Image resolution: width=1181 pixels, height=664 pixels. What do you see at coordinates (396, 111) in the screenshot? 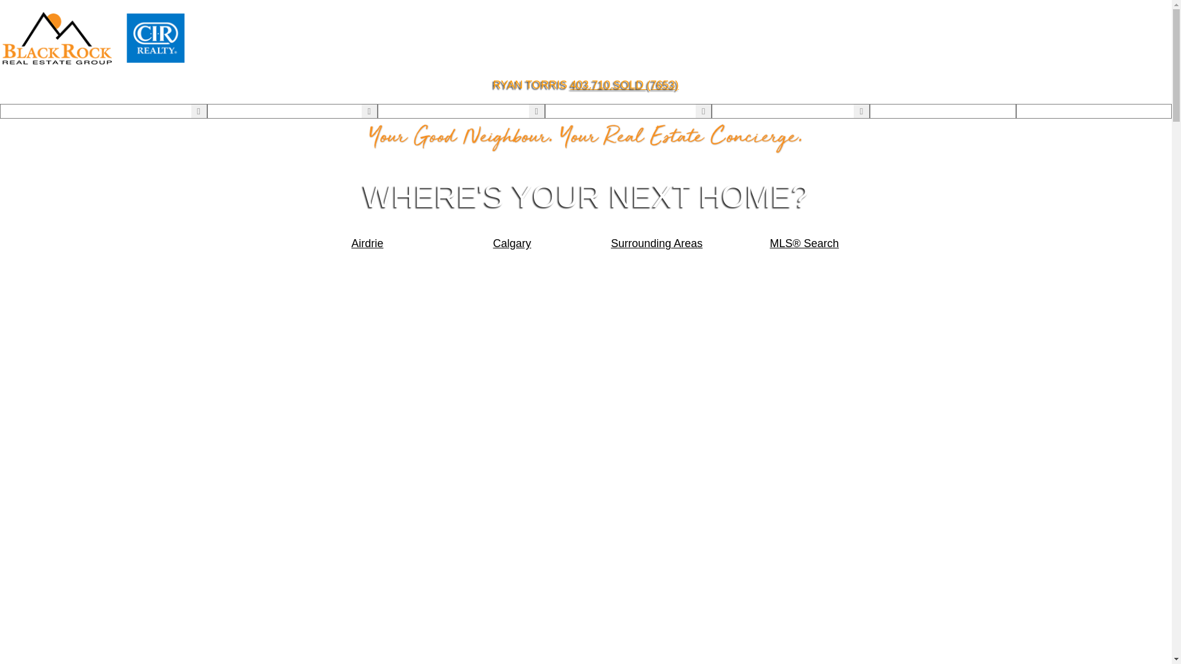
I see `'Buying'` at bounding box center [396, 111].